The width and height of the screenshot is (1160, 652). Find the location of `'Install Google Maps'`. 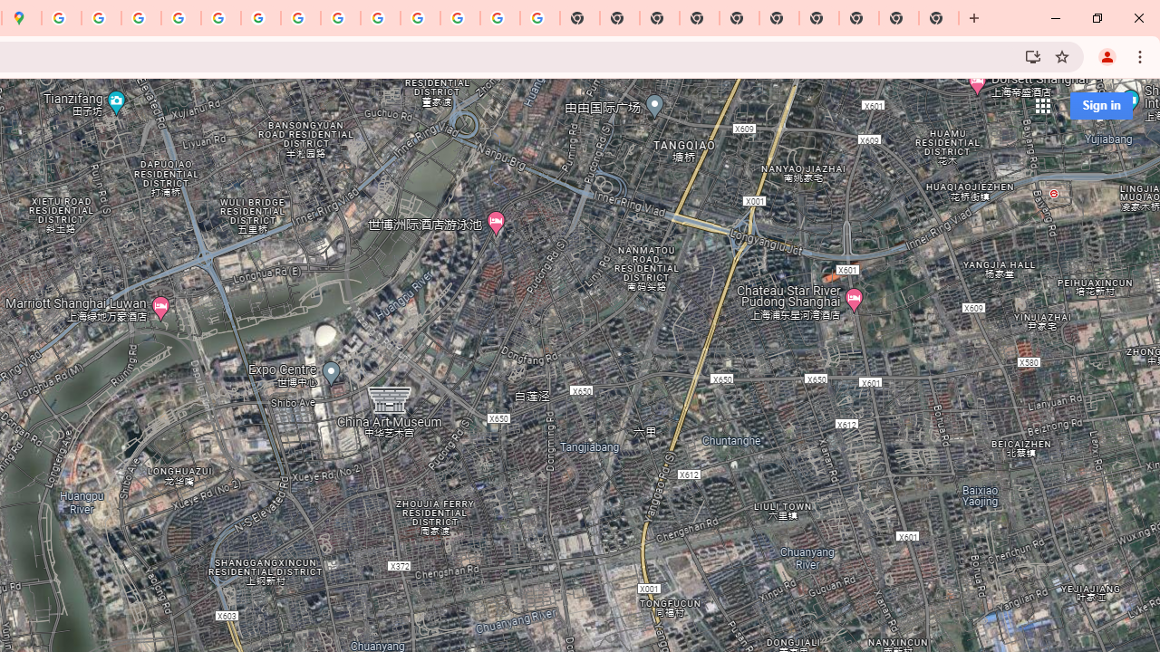

'Install Google Maps' is located at coordinates (1032, 55).